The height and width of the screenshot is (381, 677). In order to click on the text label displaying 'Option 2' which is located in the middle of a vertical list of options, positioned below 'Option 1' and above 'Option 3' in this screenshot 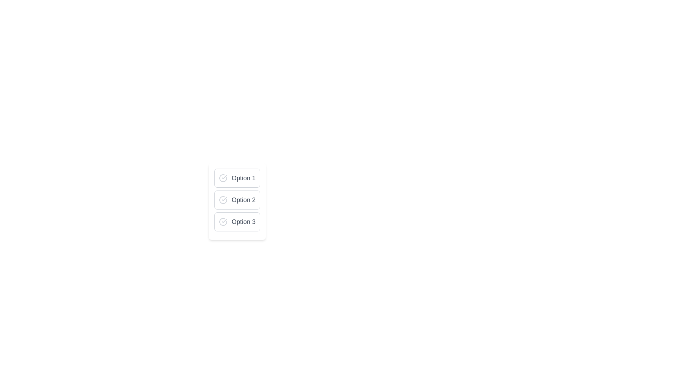, I will do `click(244, 200)`.